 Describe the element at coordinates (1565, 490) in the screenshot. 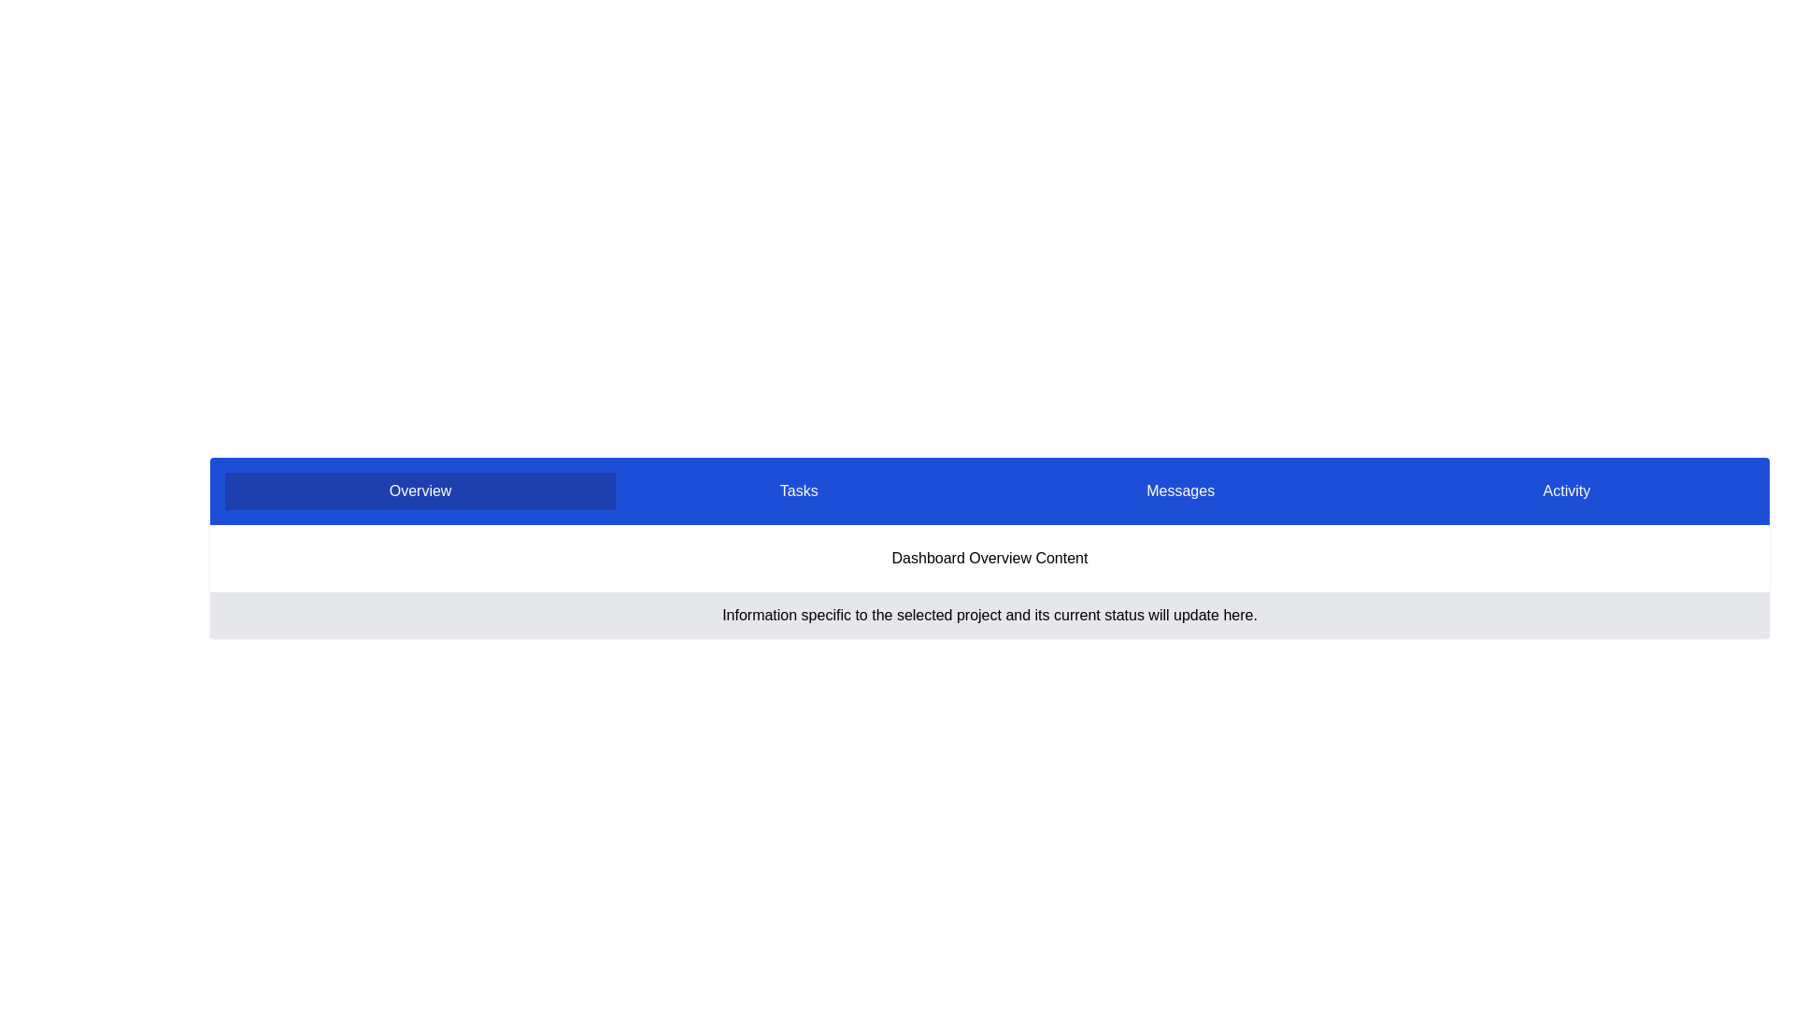

I see `the tab labeled 'Activity'` at that location.